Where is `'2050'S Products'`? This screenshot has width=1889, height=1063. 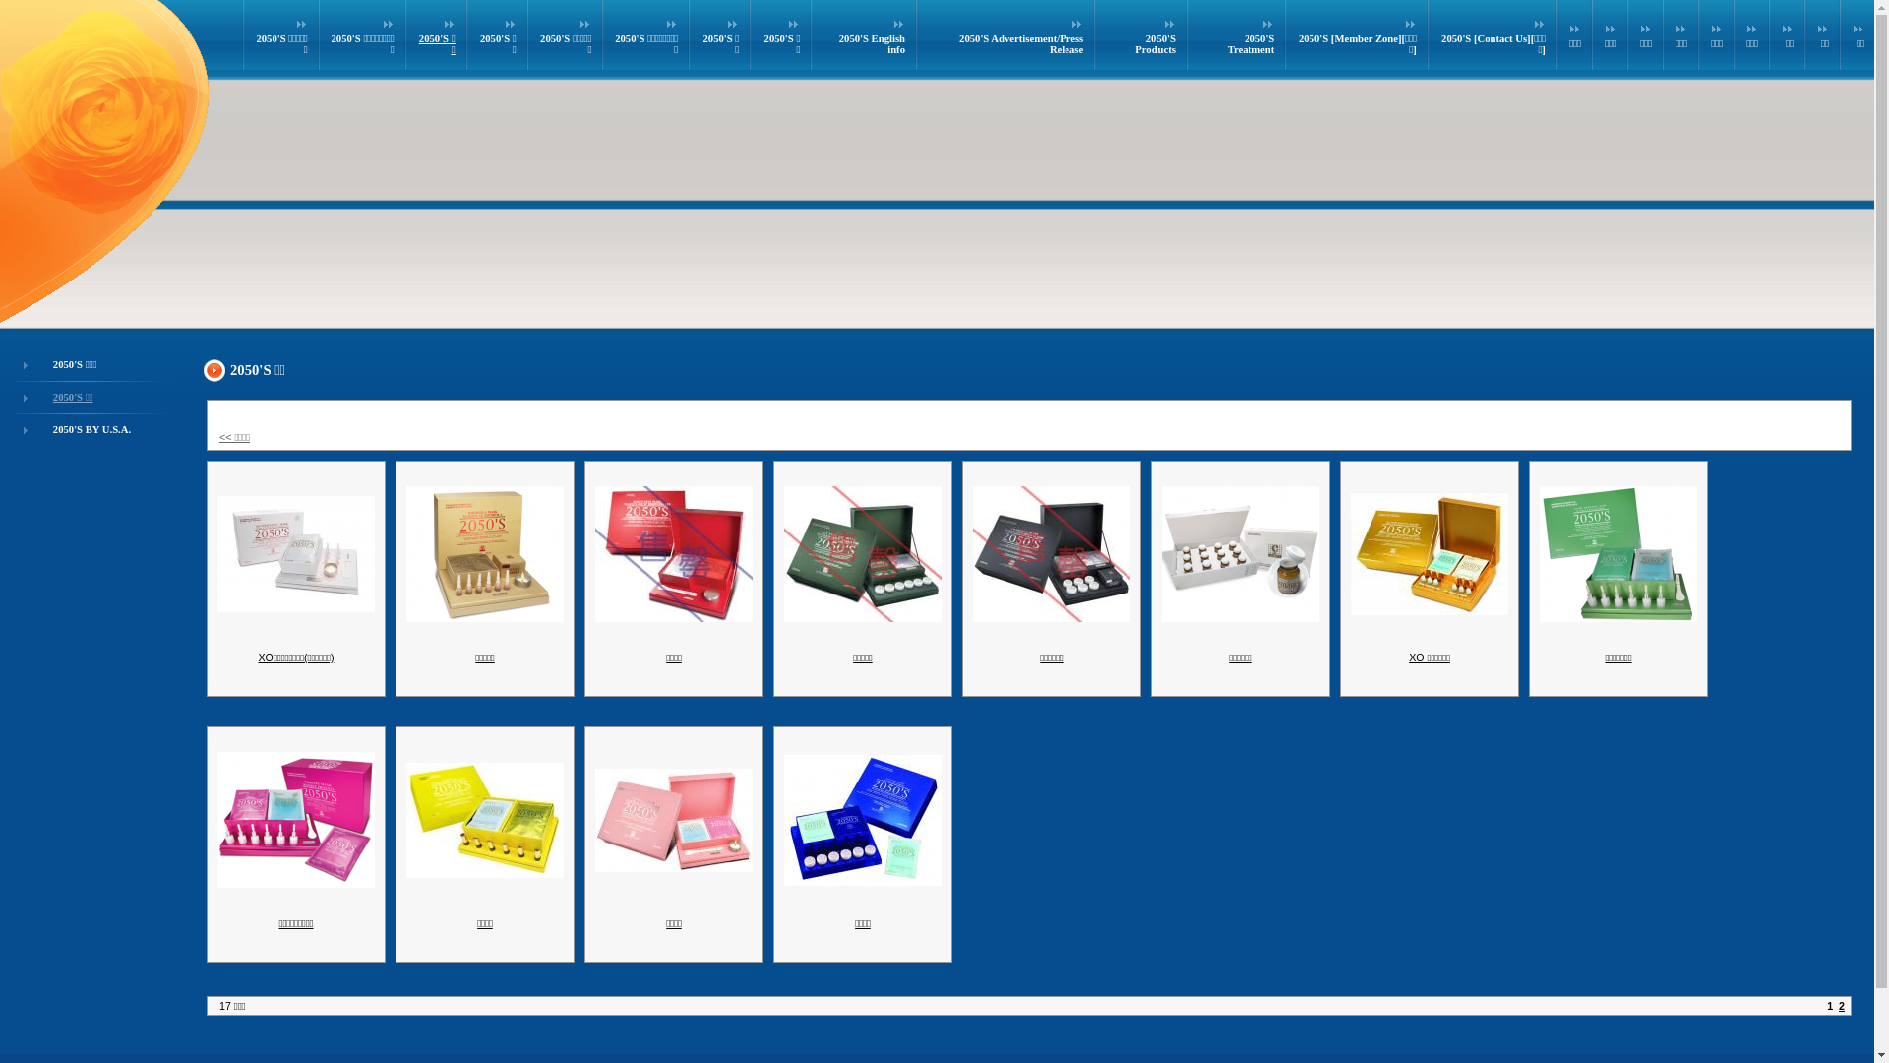 '2050'S Products' is located at coordinates (1155, 44).